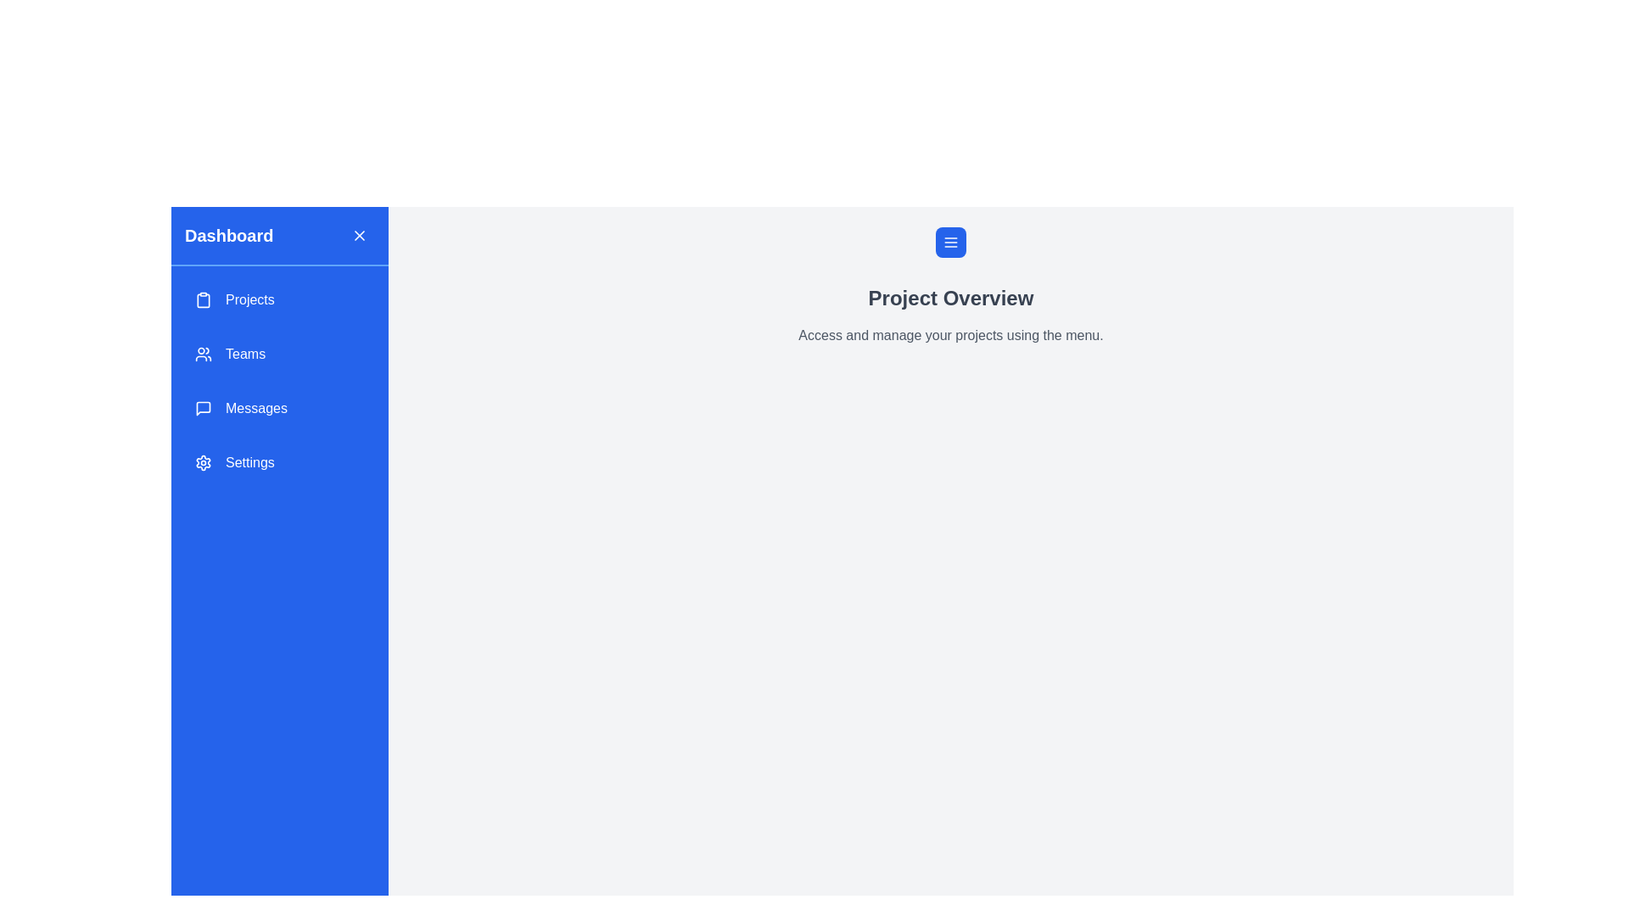  I want to click on the 'Projects' text label, which is displayed in white on a blue background, located in the menu below the 'Dashboard' title, so click(249, 299).